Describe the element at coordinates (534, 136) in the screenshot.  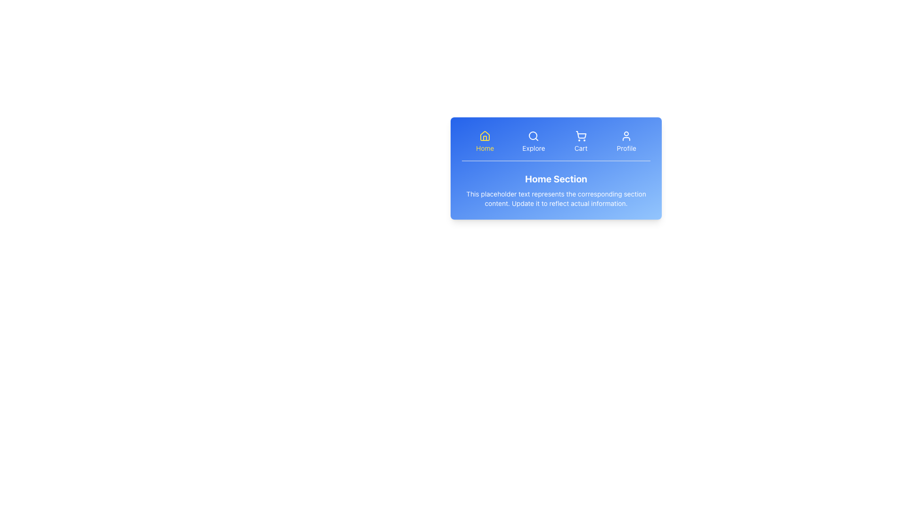
I see `the search icon located in the 'Explore' section of the navigation bar, which serves as a visual cue for search functionality` at that location.